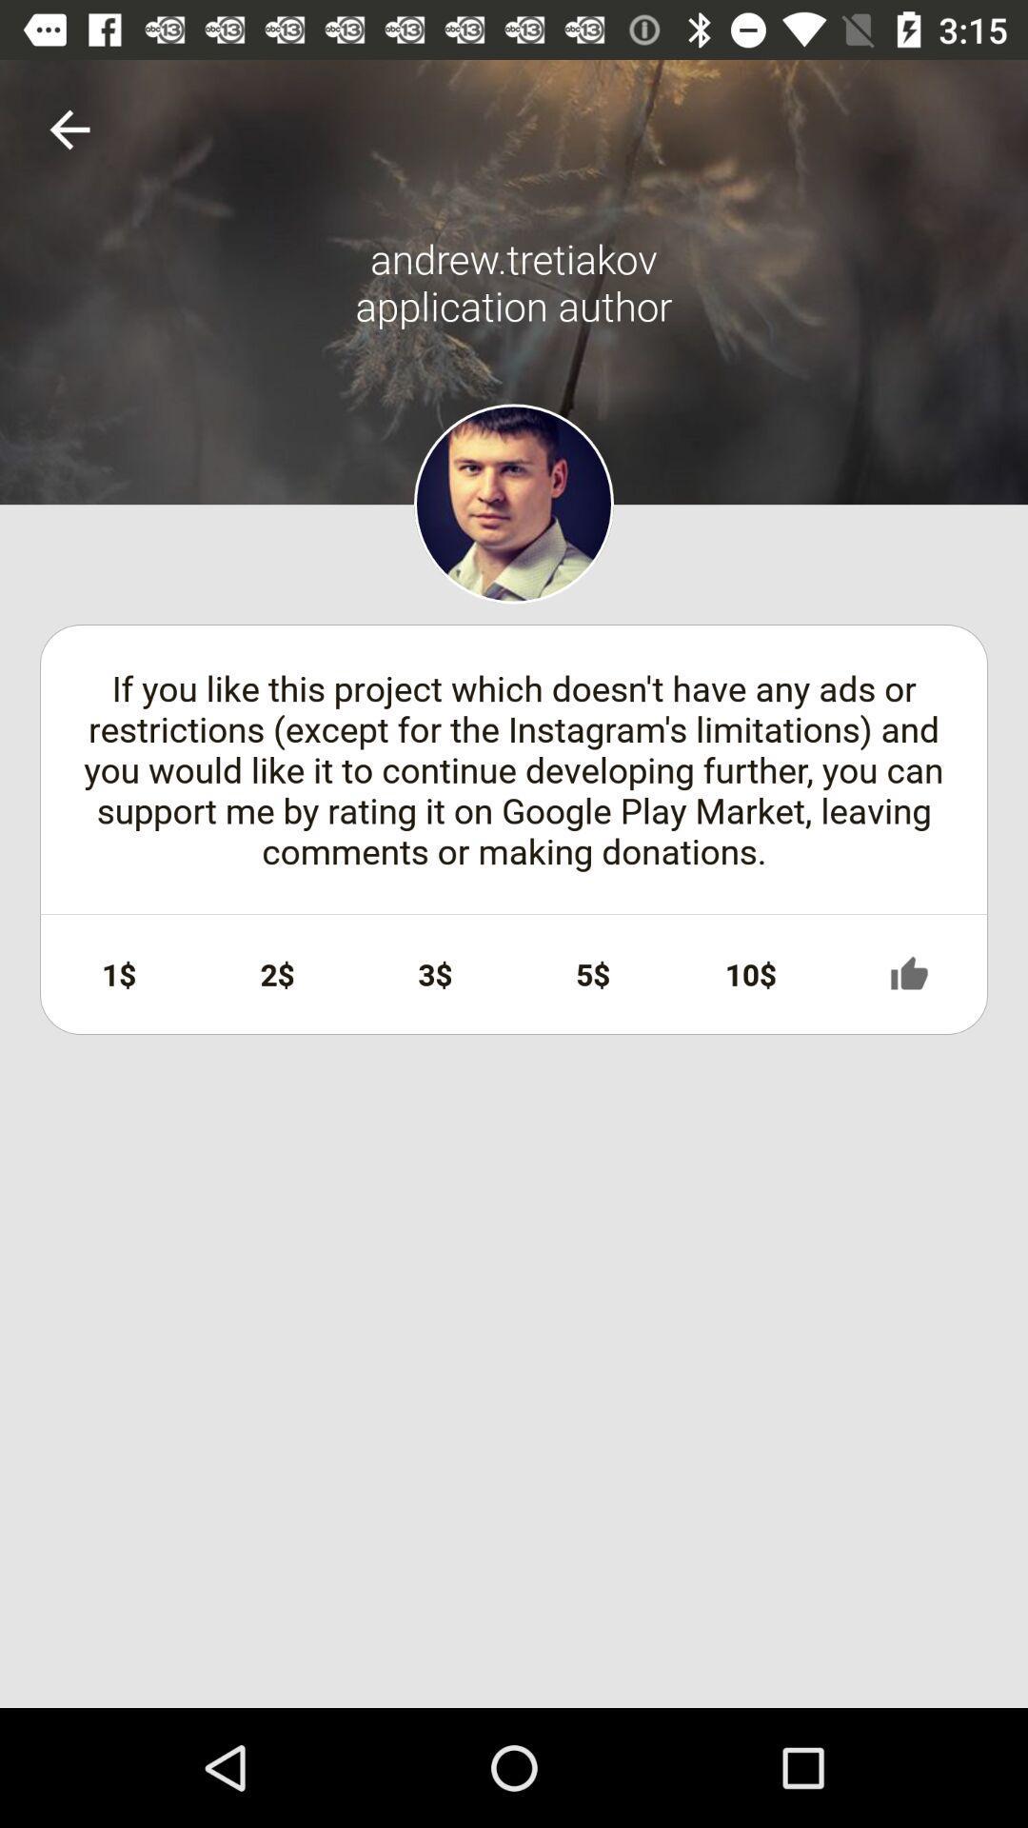 The image size is (1028, 1828). What do you see at coordinates (592, 974) in the screenshot?
I see `item to the left of the 10$ item` at bounding box center [592, 974].